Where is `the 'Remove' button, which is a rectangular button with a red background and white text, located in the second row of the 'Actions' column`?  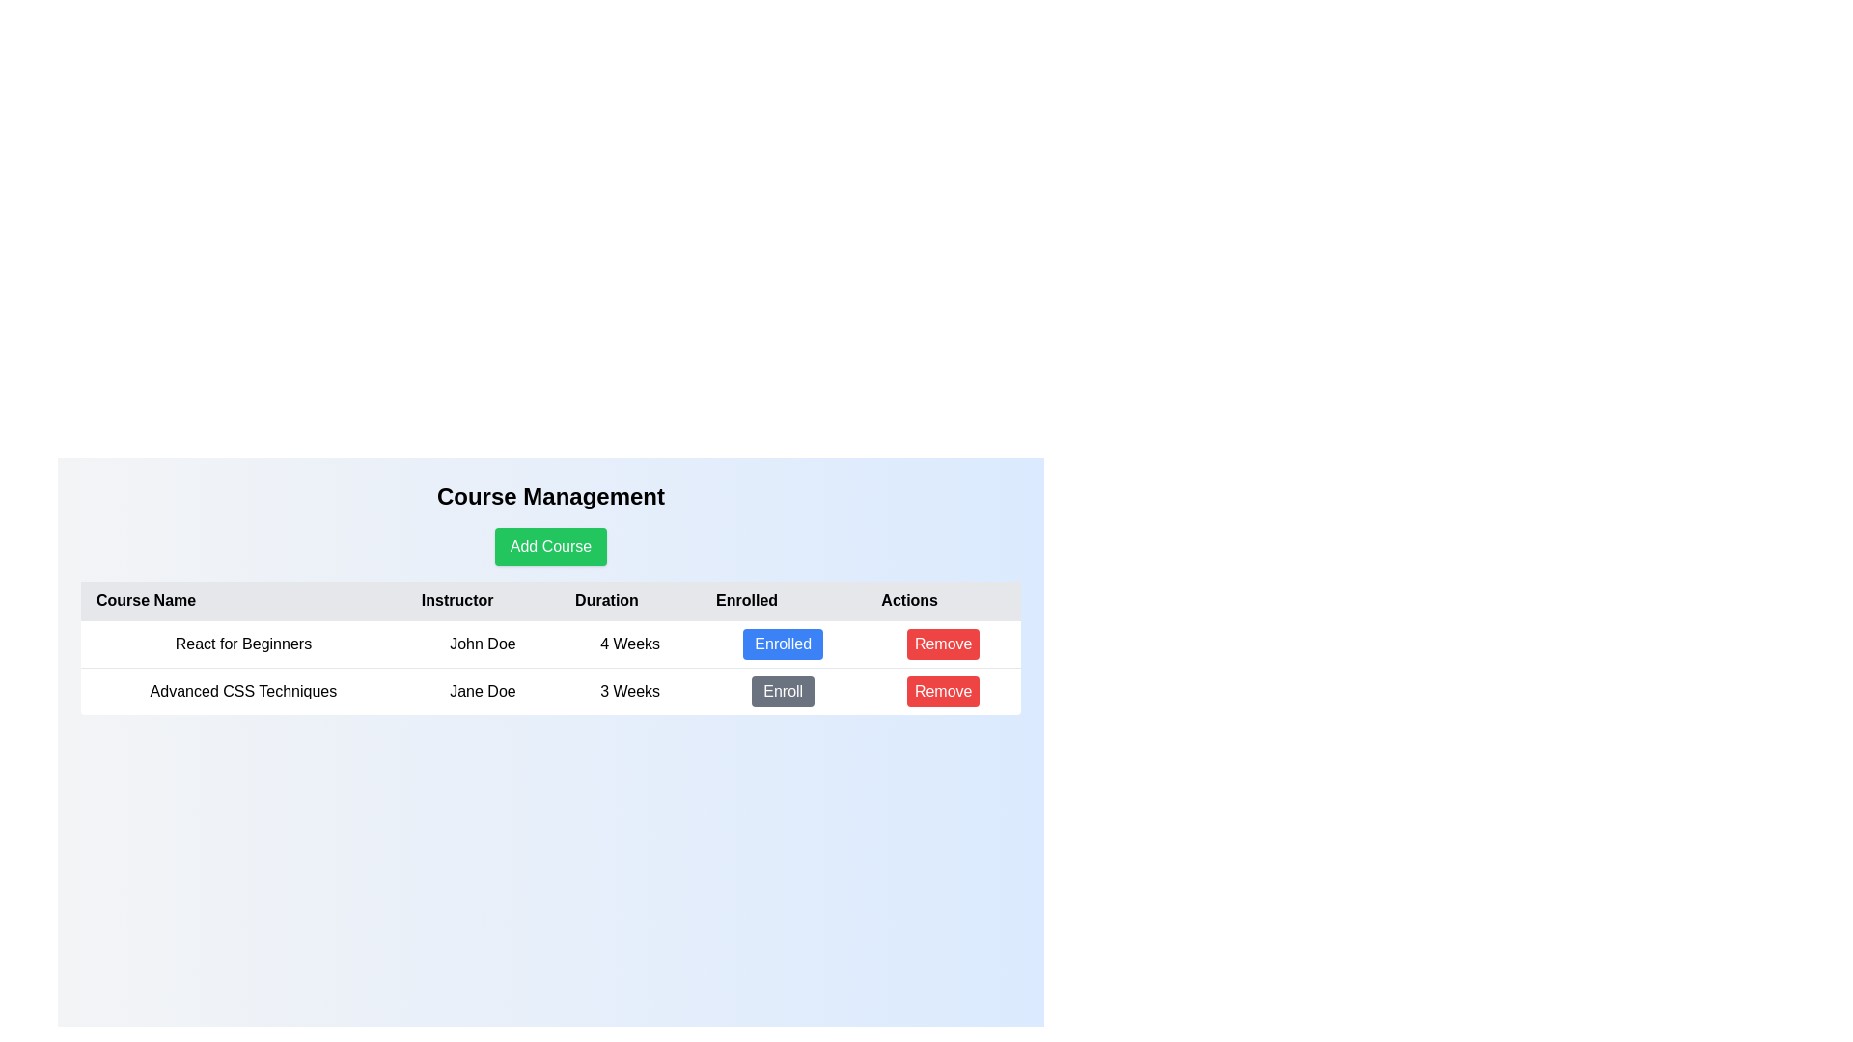 the 'Remove' button, which is a rectangular button with a red background and white text, located in the second row of the 'Actions' column is located at coordinates (943, 690).